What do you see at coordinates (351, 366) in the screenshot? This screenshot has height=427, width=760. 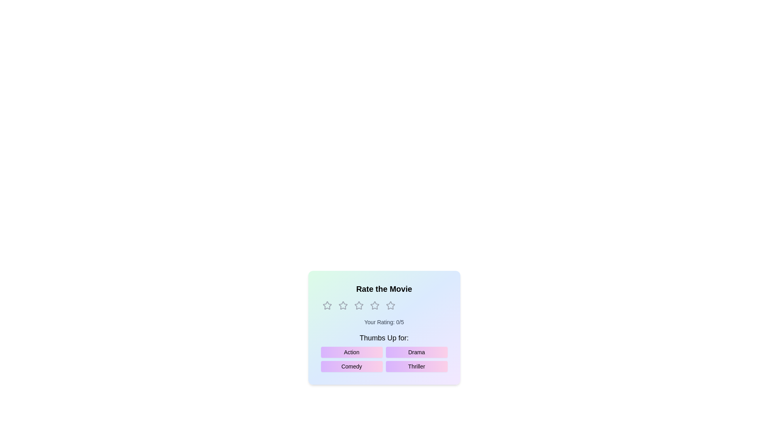 I see `the Comedy button` at bounding box center [351, 366].